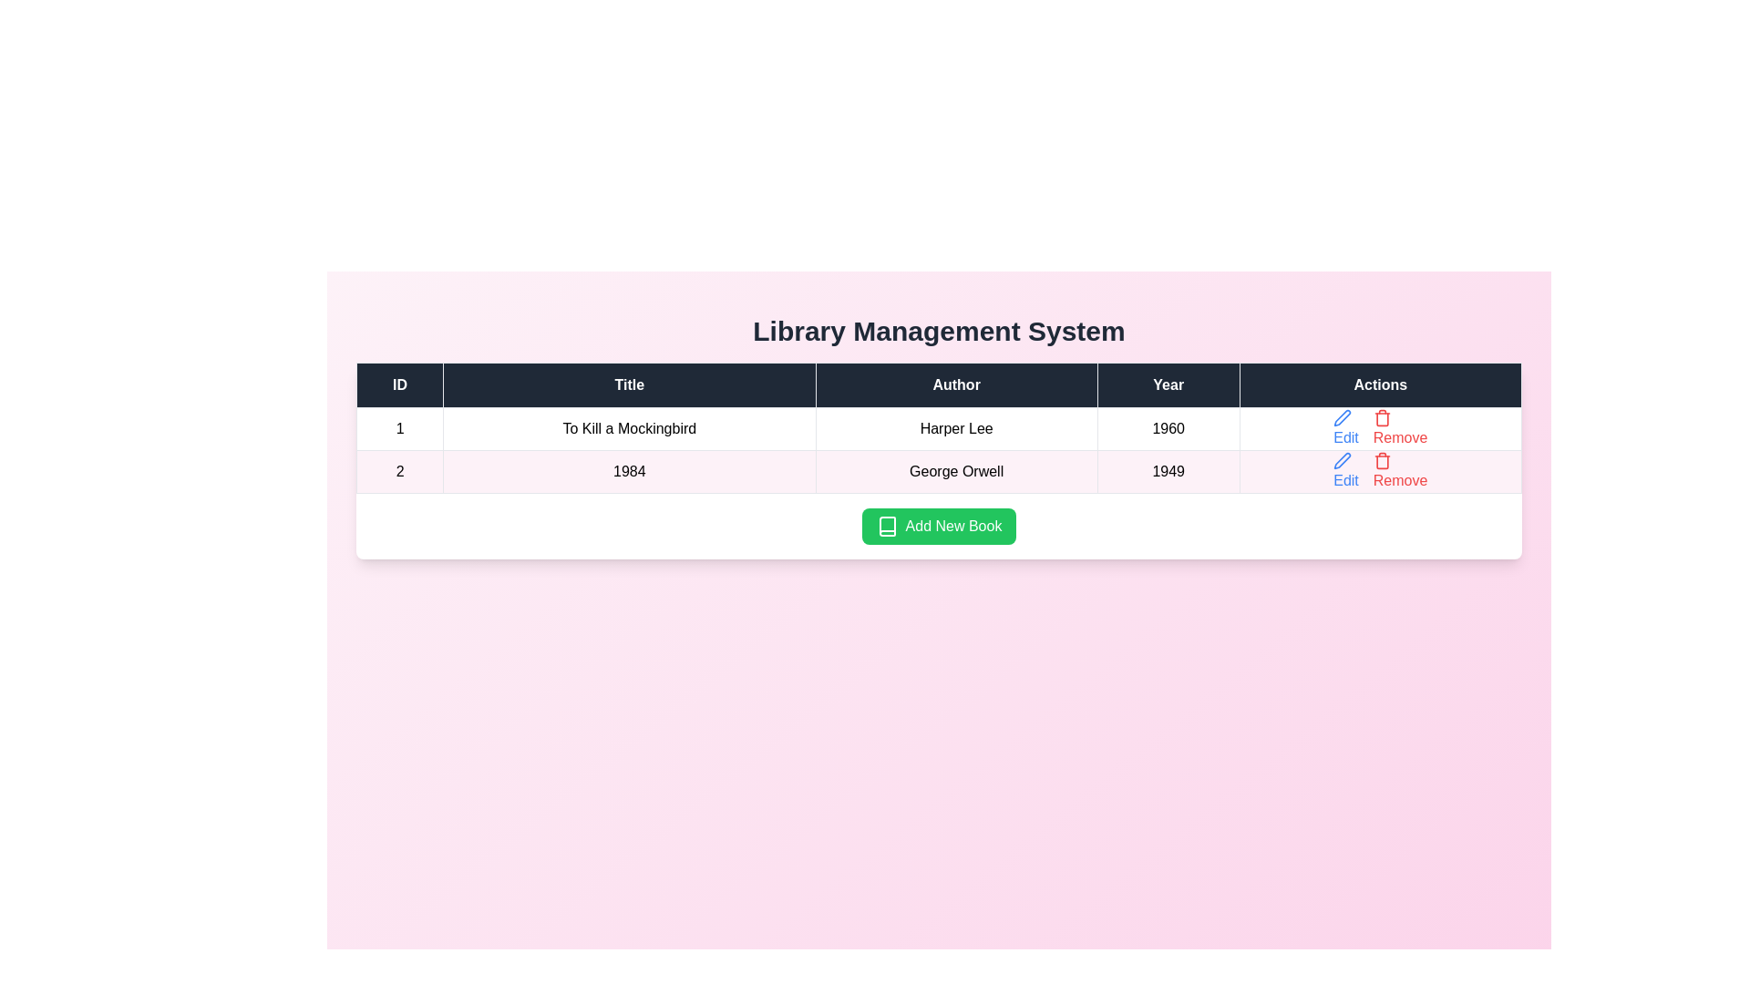 This screenshot has width=1750, height=984. I want to click on the Text Display element showing 'To Kill a Mockingbird' in the second column of the first data row under the 'Title' header, so click(629, 428).